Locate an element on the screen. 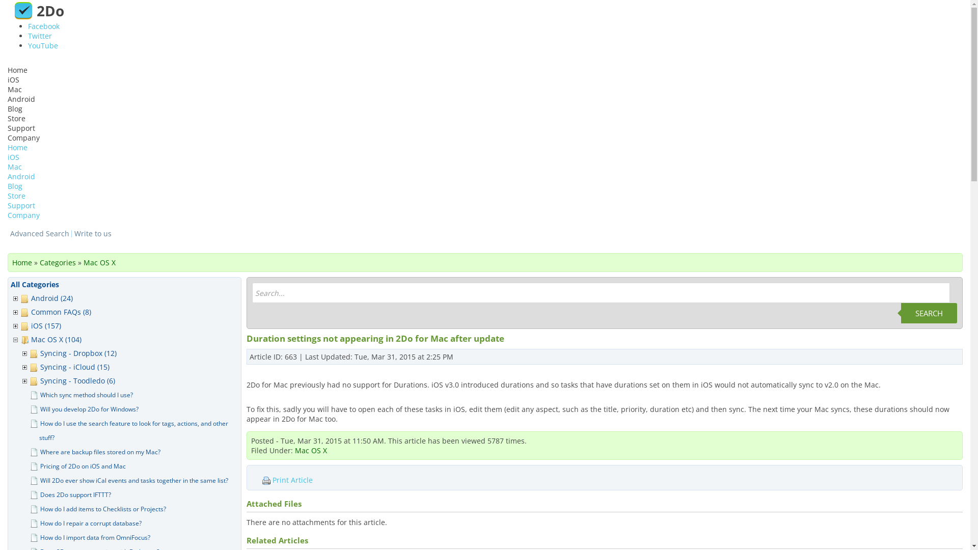  'Twitter' is located at coordinates (40, 35).